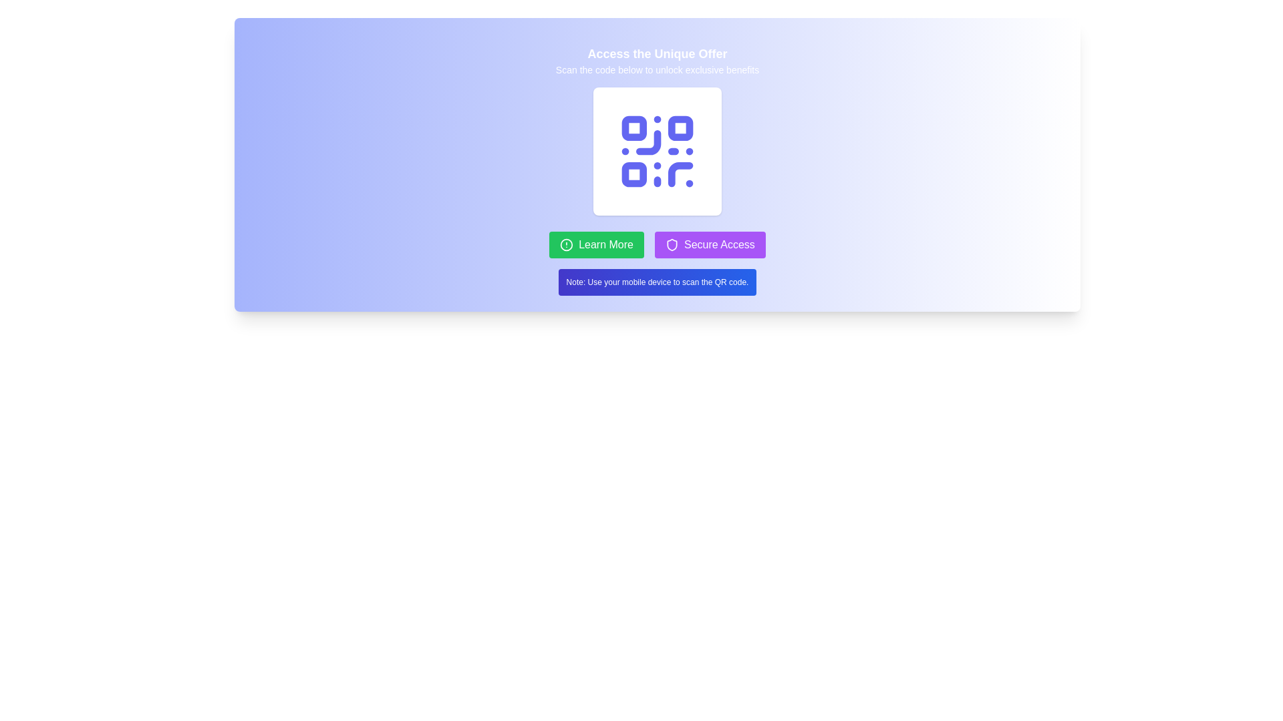 The width and height of the screenshot is (1283, 721). Describe the element at coordinates (567, 244) in the screenshot. I see `the visual alert icon adjacent to the 'Learn More' button by moving the cursor to it` at that location.